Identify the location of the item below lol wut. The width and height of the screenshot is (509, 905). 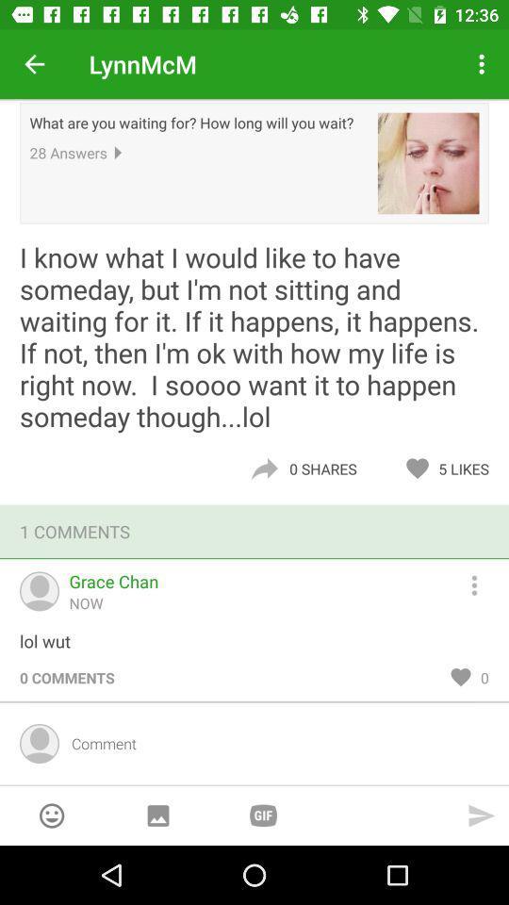
(66, 678).